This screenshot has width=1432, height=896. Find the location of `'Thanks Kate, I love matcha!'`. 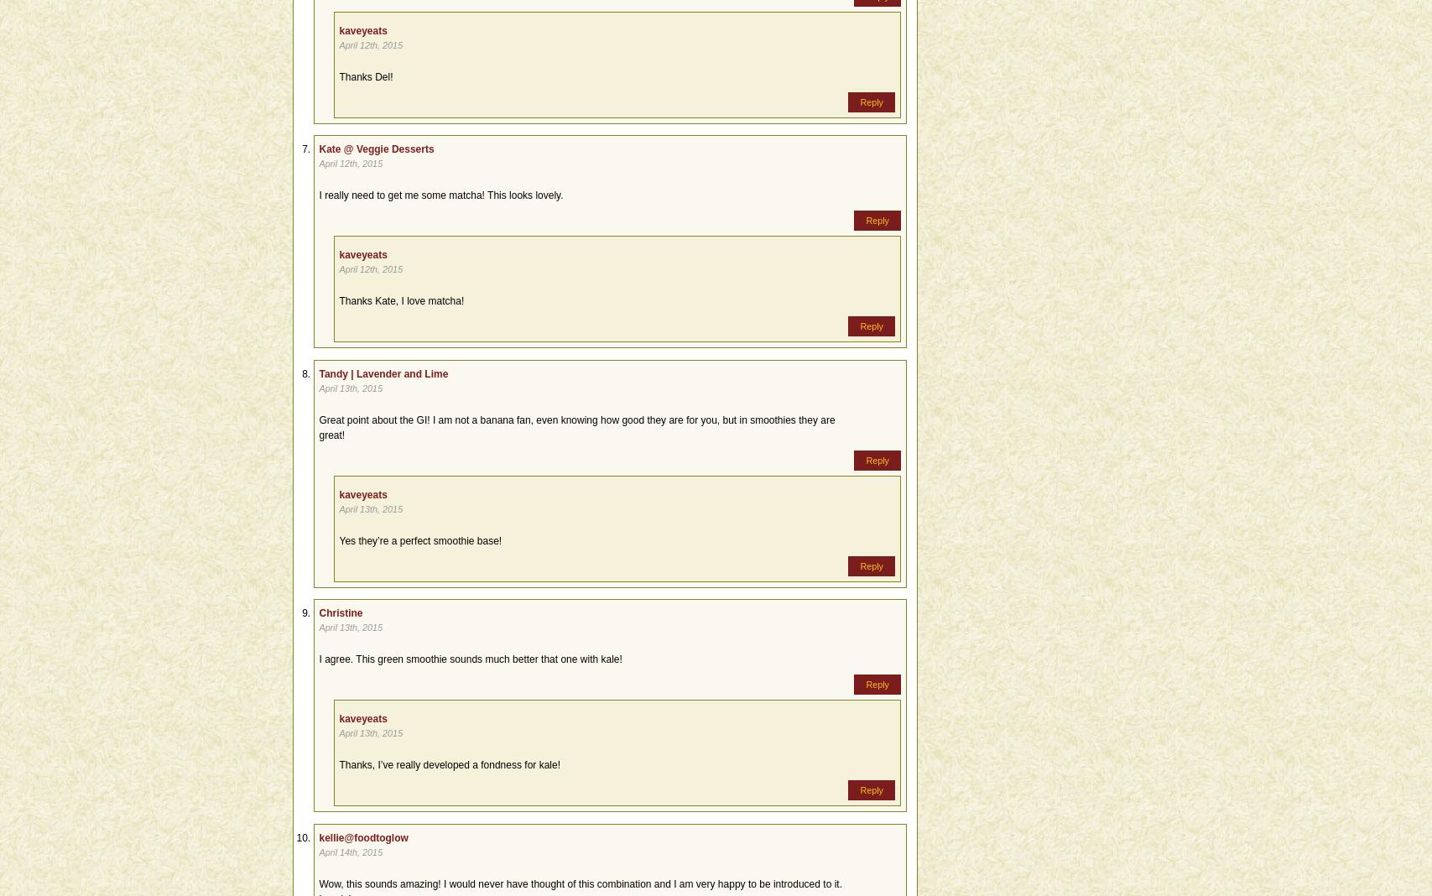

'Thanks Kate, I love matcha!' is located at coordinates (401, 300).